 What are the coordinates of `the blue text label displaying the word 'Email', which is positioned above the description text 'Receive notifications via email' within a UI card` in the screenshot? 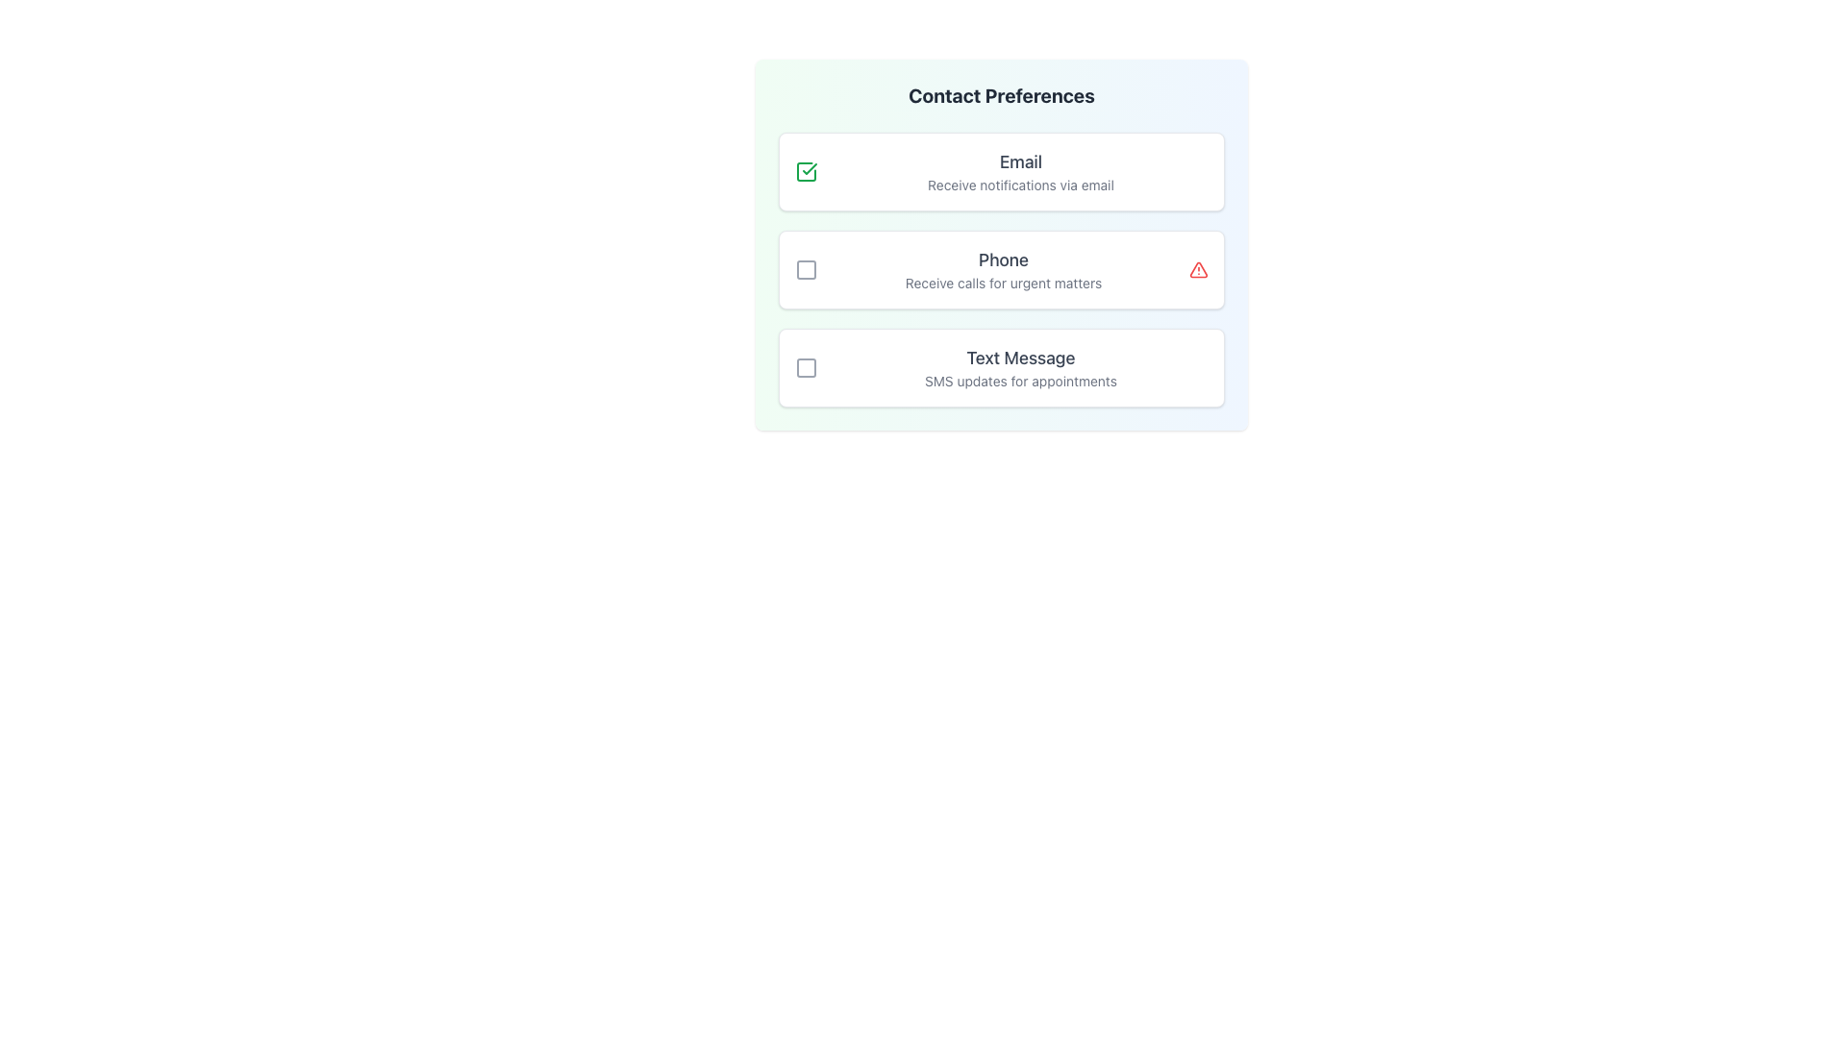 It's located at (1019, 161).